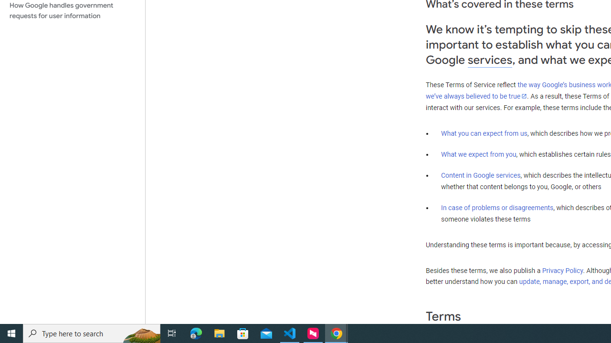 This screenshot has height=343, width=611. Describe the element at coordinates (481, 175) in the screenshot. I see `'Content in Google services'` at that location.